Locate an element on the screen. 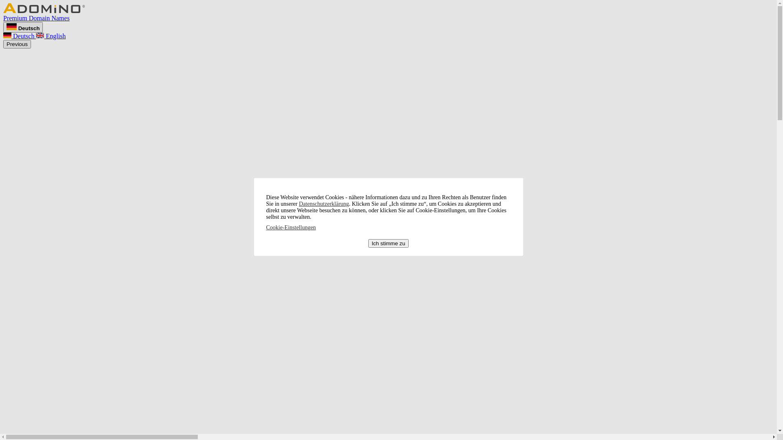  'Premium Domain Names' is located at coordinates (388, 14).